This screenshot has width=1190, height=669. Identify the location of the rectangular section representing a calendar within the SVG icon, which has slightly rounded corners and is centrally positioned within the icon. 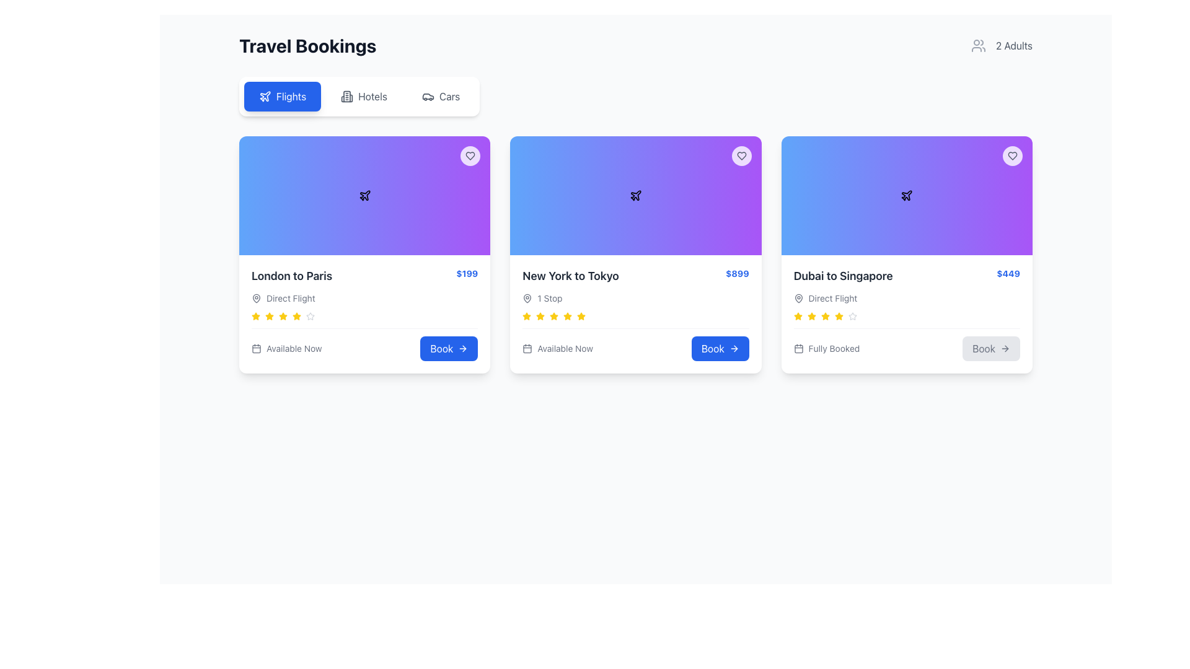
(527, 349).